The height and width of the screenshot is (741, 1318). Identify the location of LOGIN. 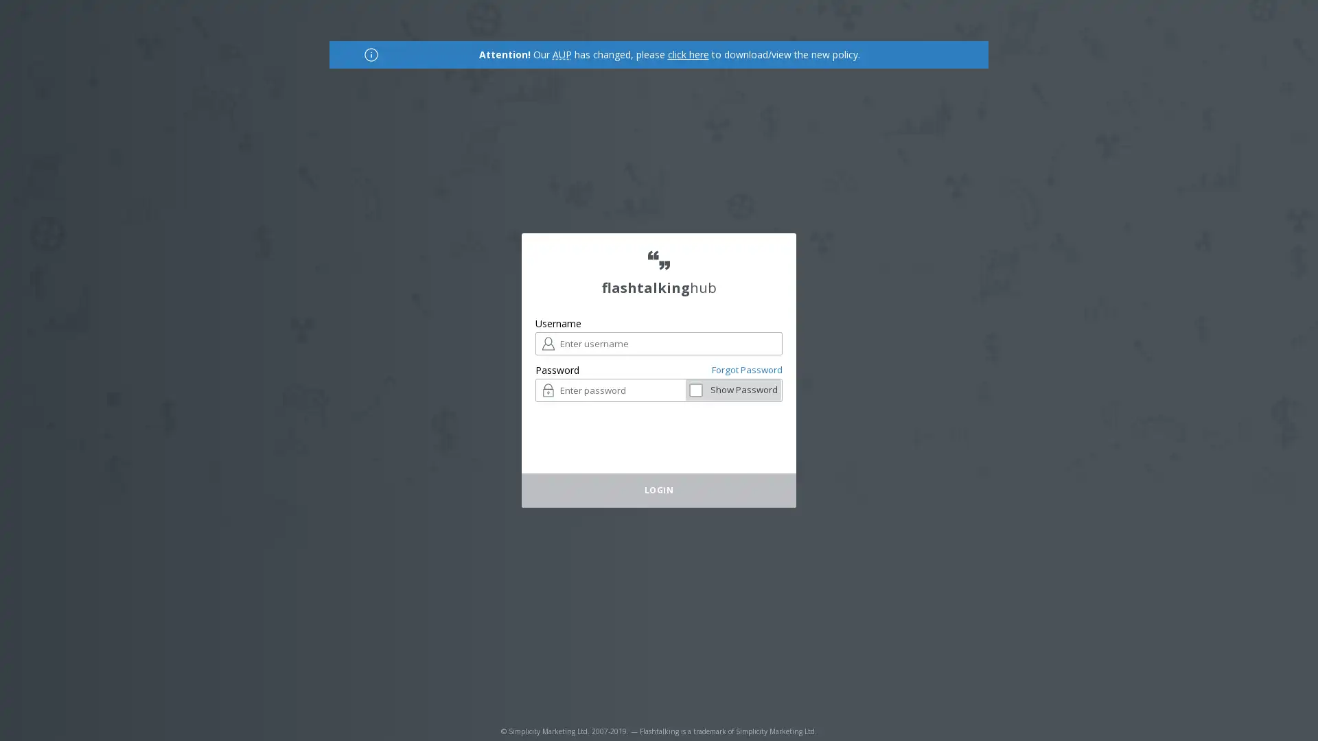
(787, 390).